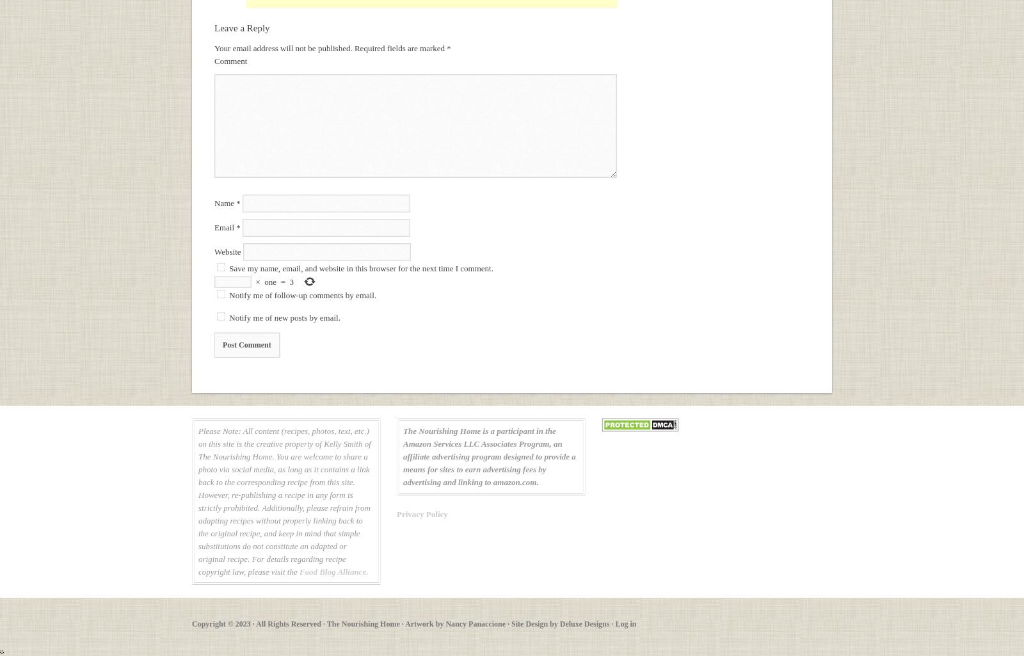 Image resolution: width=1024 pixels, height=656 pixels. What do you see at coordinates (269, 280) in the screenshot?
I see `'one'` at bounding box center [269, 280].